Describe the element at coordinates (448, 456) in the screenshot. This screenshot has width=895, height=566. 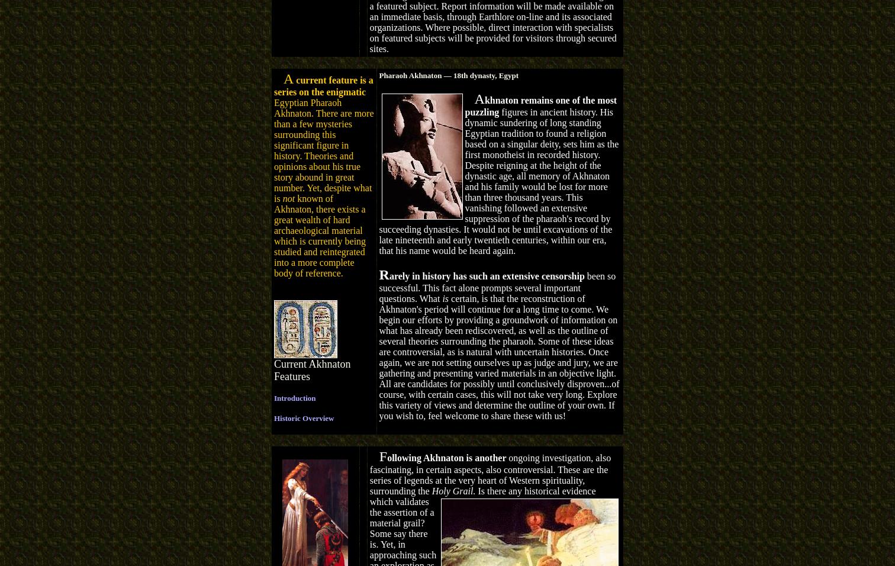
I see `'ollowing 
        Akhnaton is another'` at that location.